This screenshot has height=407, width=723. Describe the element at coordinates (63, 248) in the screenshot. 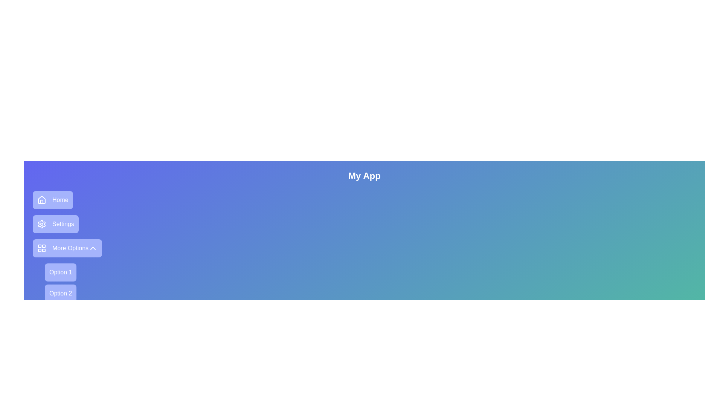

I see `the 'More Options' button, which features a white label and a grid layout icon` at that location.